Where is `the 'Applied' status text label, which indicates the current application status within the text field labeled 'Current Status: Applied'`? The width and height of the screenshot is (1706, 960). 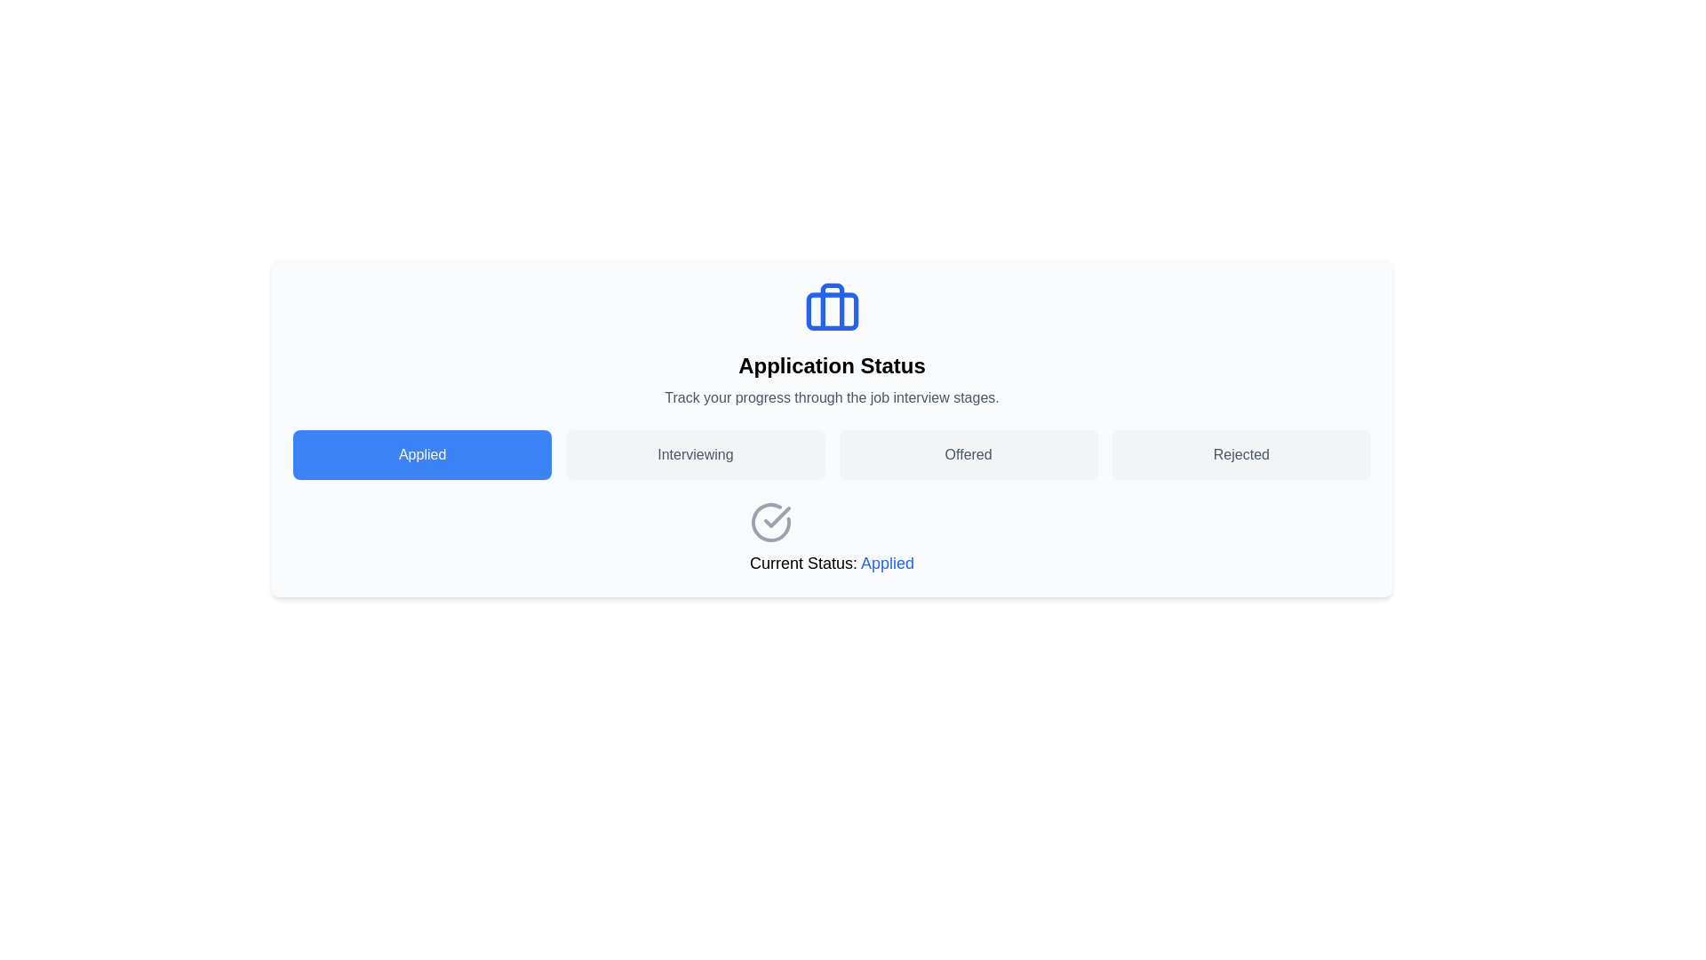 the 'Applied' status text label, which indicates the current application status within the text field labeled 'Current Status: Applied' is located at coordinates (887, 563).